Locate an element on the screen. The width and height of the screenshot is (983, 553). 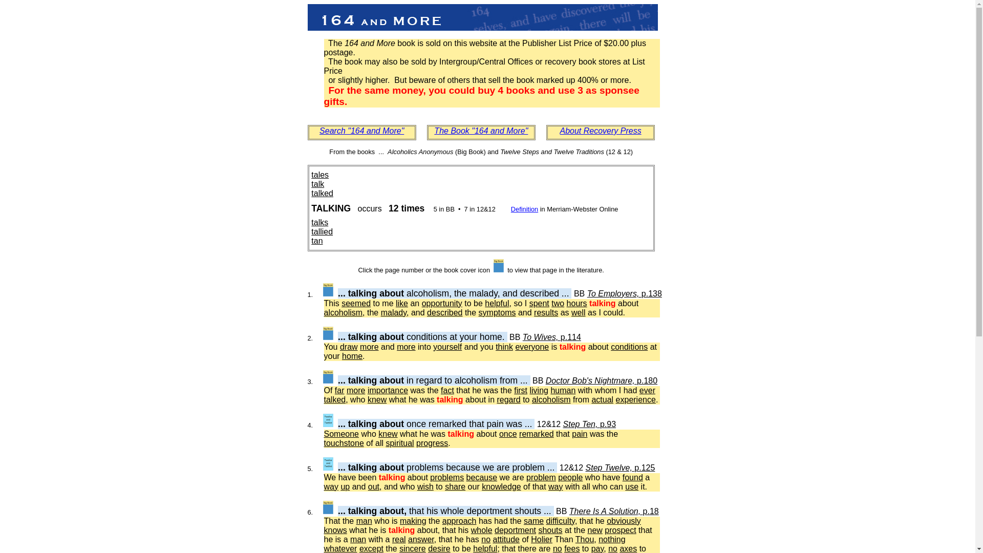
'difficulty' is located at coordinates (560, 521).